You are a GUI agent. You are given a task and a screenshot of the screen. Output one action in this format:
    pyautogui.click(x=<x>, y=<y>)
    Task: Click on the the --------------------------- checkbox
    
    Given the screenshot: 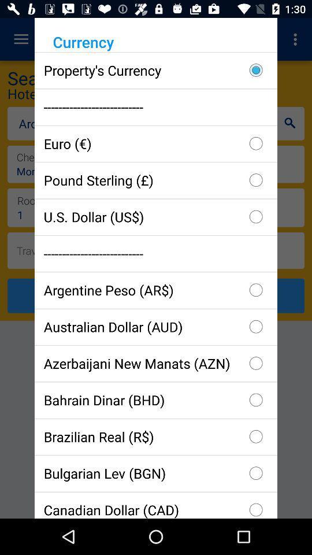 What is the action you would take?
    pyautogui.click(x=156, y=107)
    